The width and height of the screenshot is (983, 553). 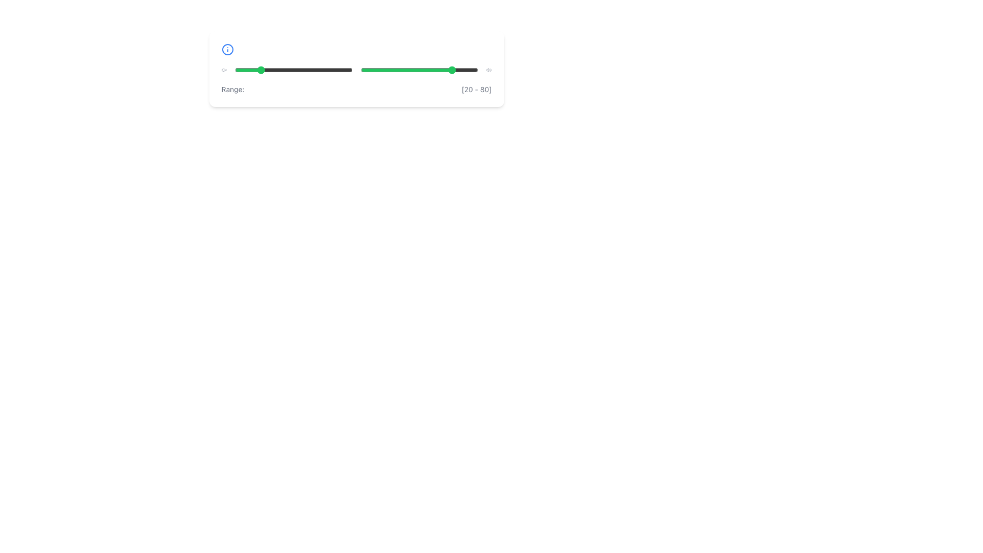 I want to click on the slider value, so click(x=366, y=70).